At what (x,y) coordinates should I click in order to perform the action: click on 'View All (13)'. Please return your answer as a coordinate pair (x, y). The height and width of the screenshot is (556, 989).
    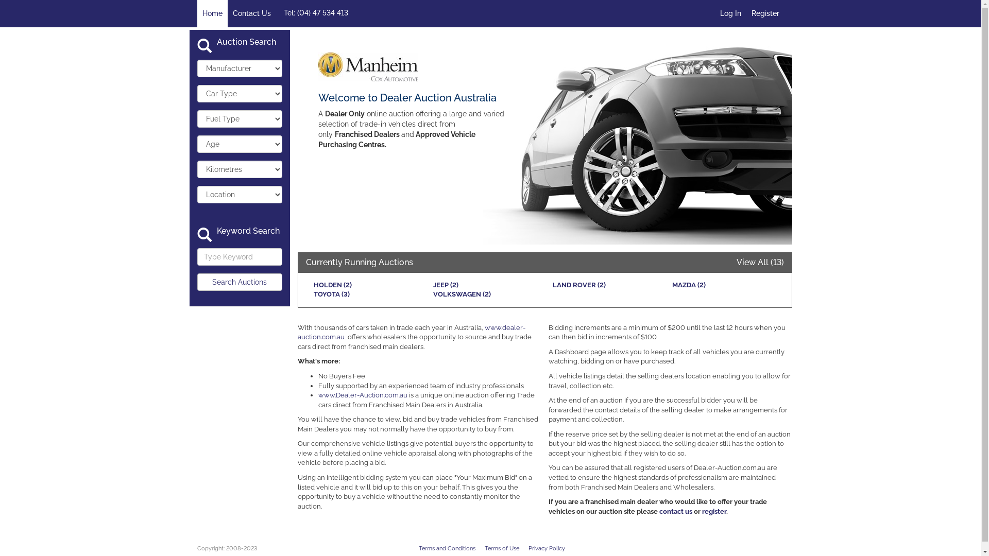
    Looking at the image, I should click on (760, 262).